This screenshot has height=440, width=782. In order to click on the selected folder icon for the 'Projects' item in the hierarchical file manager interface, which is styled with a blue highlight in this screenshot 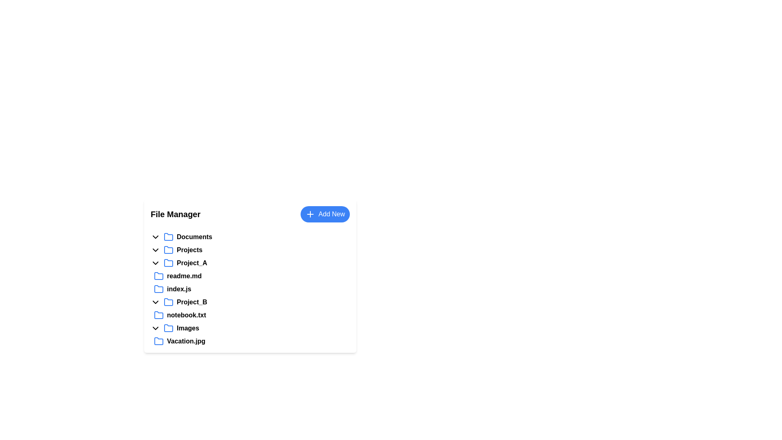, I will do `click(168, 249)`.